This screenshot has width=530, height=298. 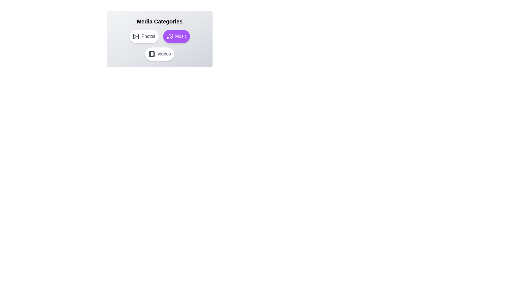 I want to click on the Music button to observe the hover effect, so click(x=176, y=36).